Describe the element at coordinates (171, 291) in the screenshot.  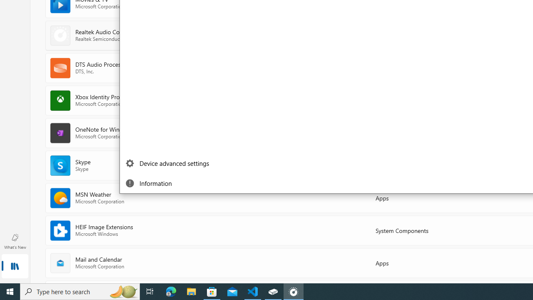
I see `'Microsoft Edge'` at that location.